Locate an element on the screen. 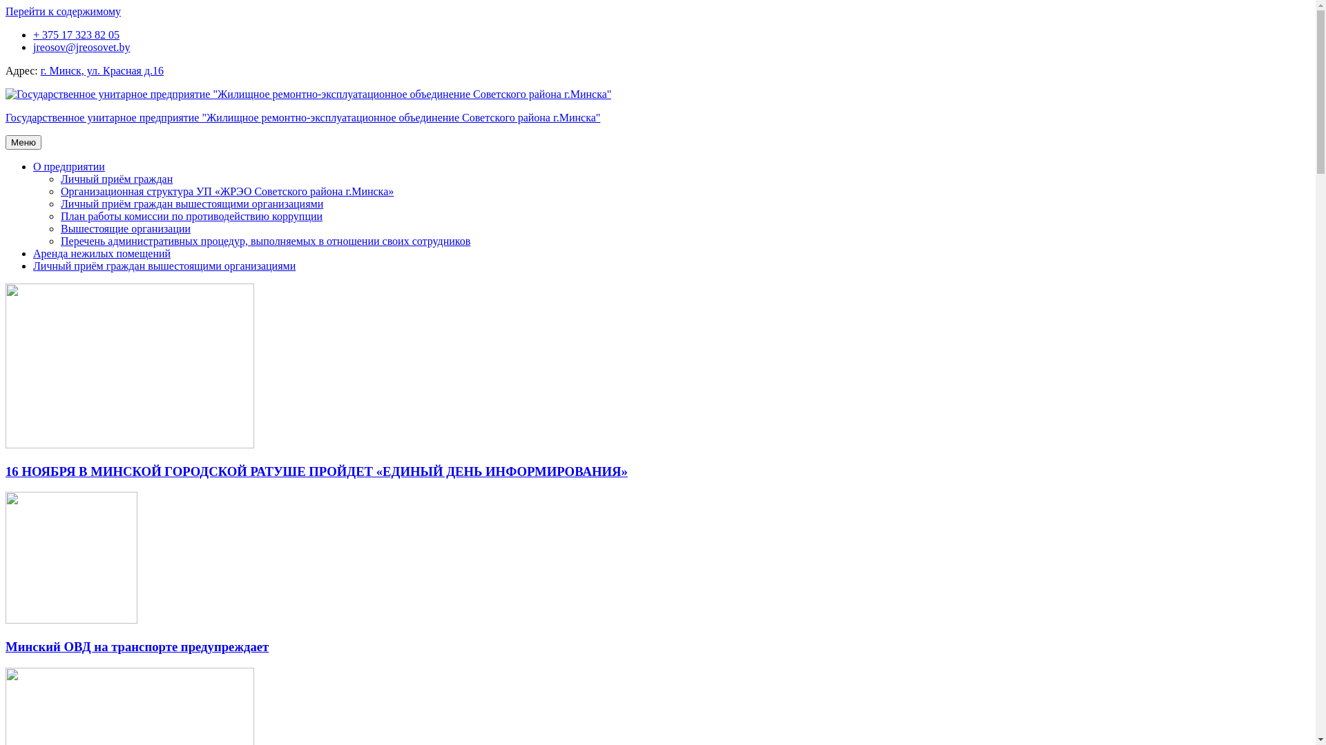 The image size is (1326, 745). '+ 375 17 323 82 05' is located at coordinates (75, 34).